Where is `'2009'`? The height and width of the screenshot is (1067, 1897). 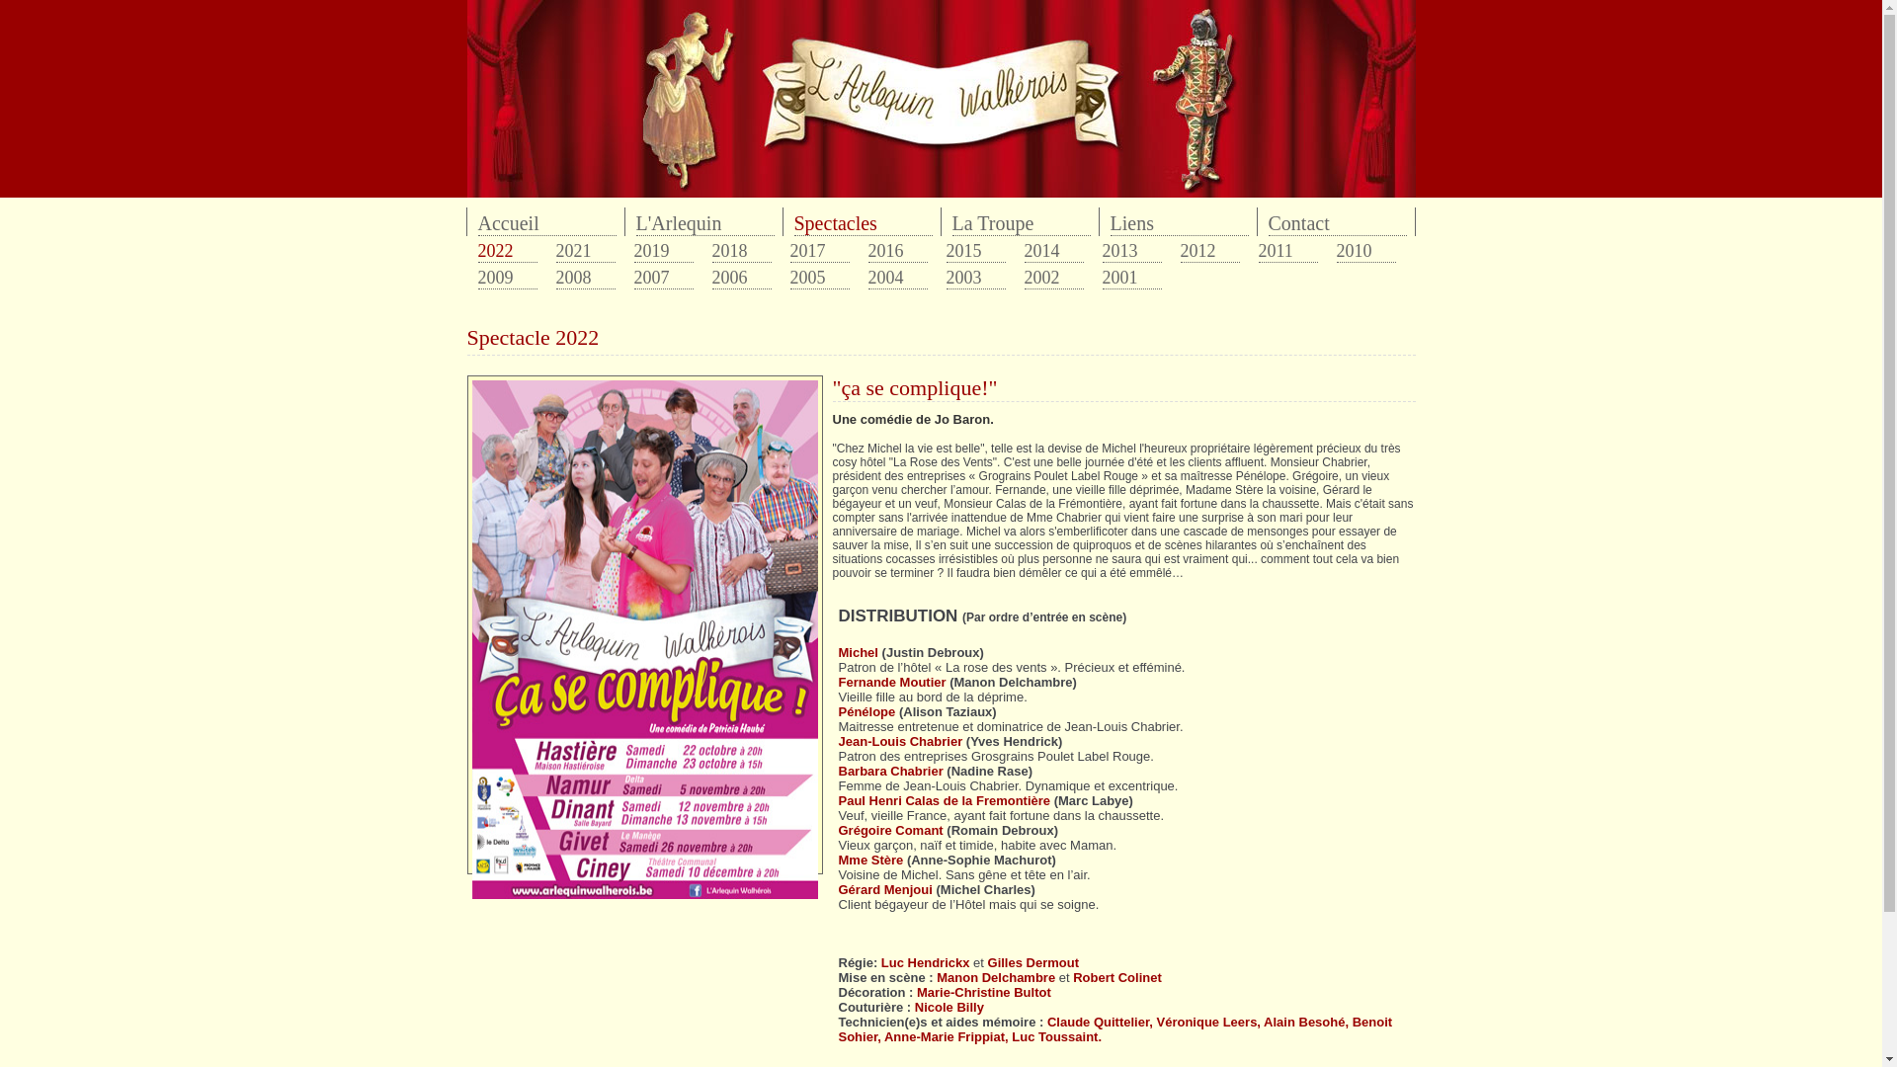 '2009' is located at coordinates (507, 278).